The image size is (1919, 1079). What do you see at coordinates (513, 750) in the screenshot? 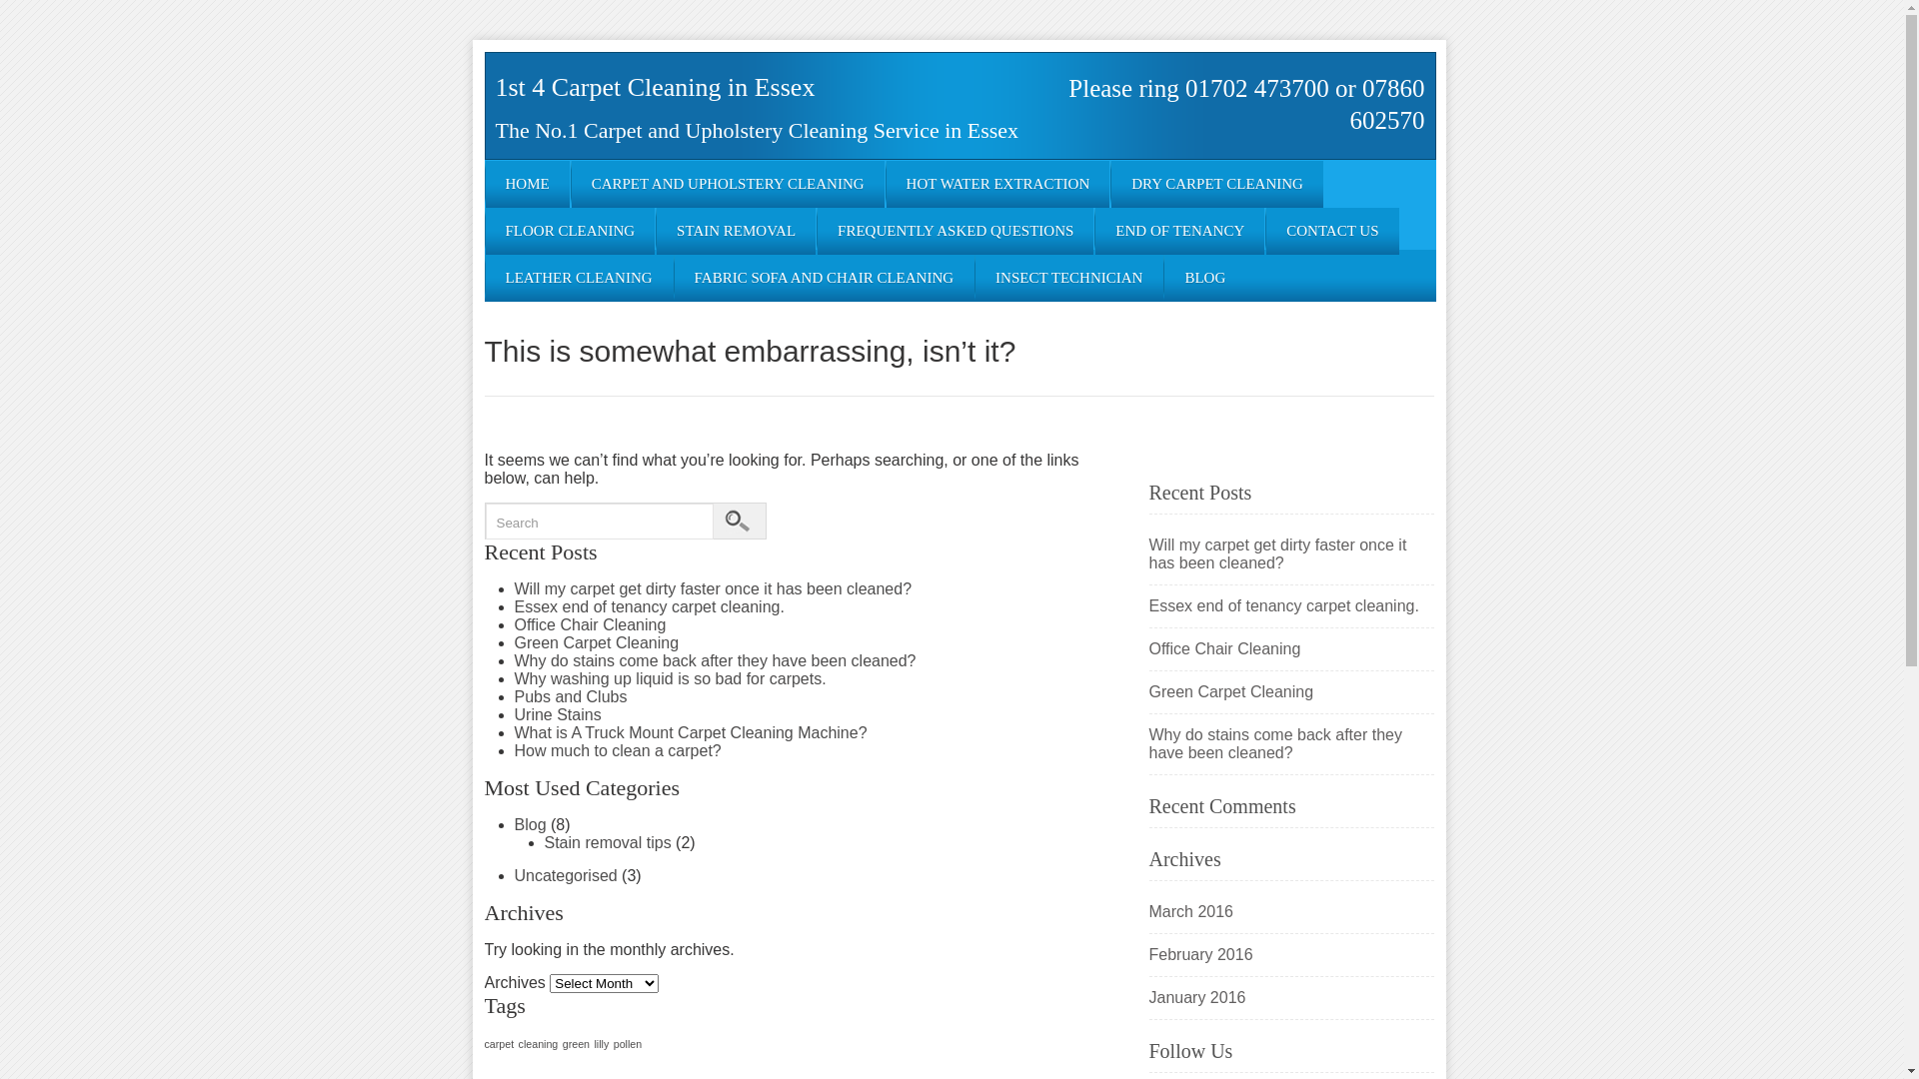
I see `'How much to clean a carpet?'` at bounding box center [513, 750].